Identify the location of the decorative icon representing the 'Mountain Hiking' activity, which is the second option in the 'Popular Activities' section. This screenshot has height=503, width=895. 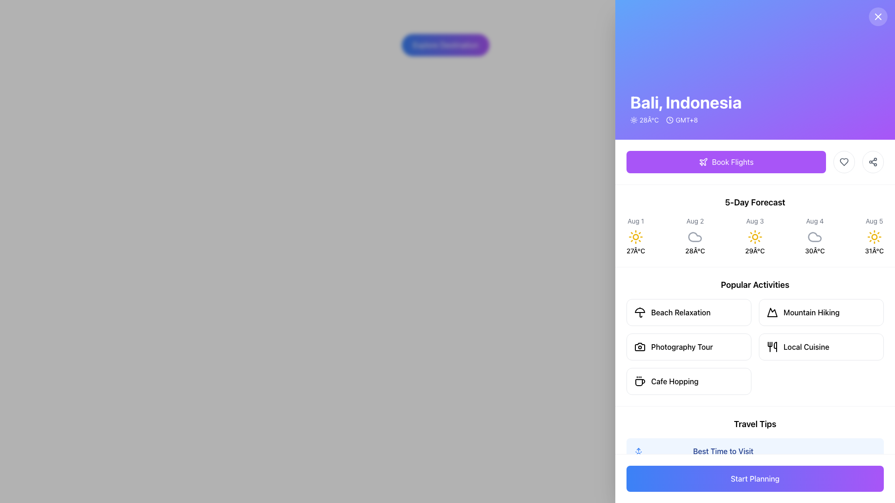
(772, 313).